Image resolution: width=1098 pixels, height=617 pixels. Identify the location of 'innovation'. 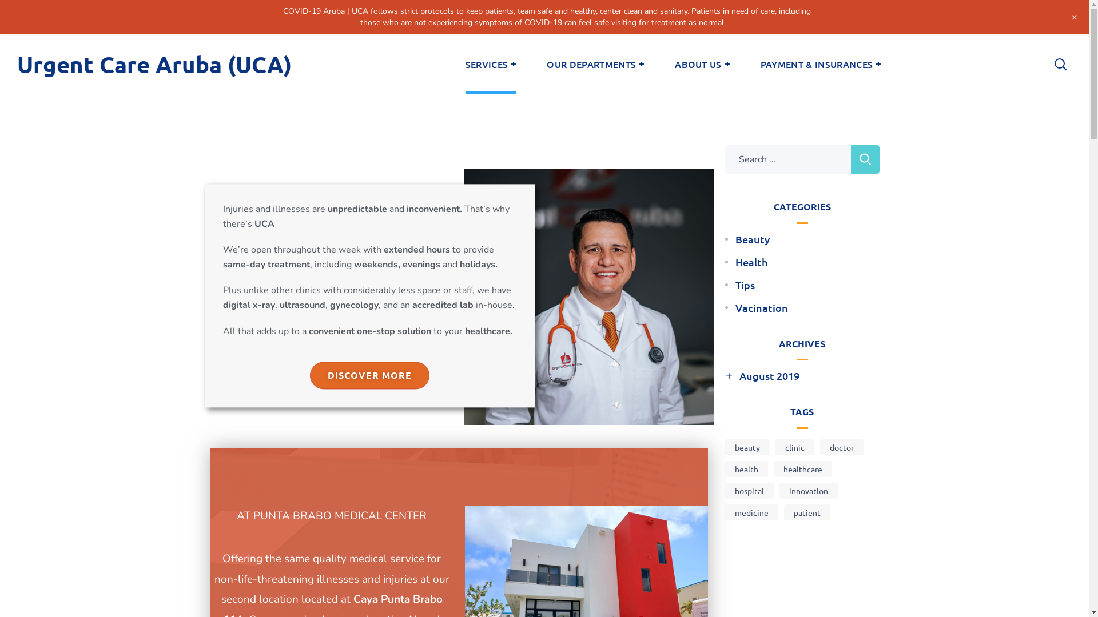
(807, 490).